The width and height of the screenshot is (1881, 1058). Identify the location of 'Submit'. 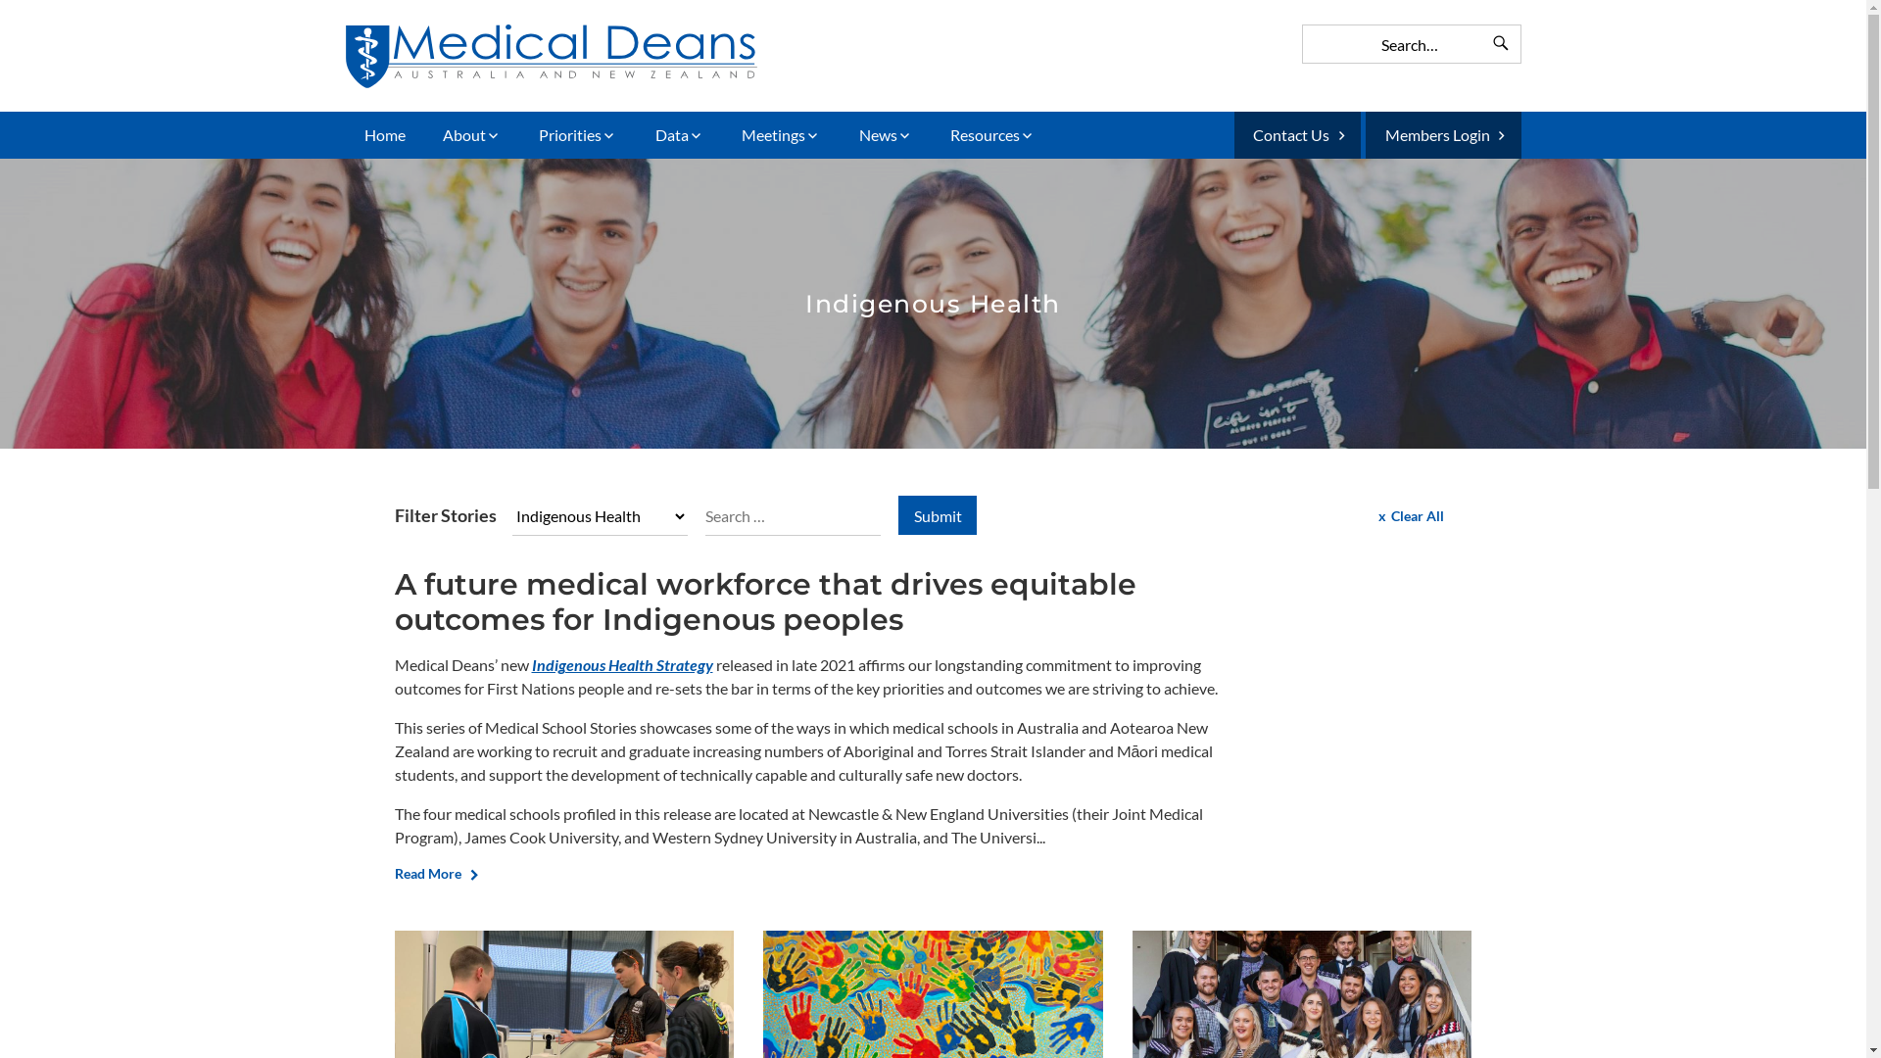
(896, 513).